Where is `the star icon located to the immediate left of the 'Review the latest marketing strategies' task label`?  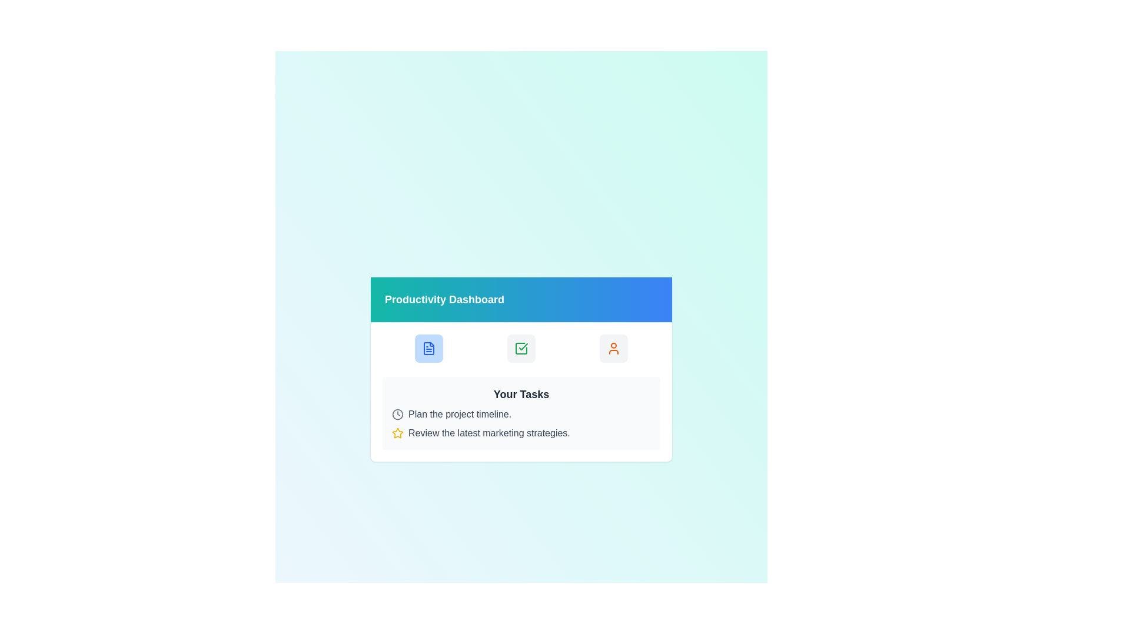 the star icon located to the immediate left of the 'Review the latest marketing strategies' task label is located at coordinates (398, 433).